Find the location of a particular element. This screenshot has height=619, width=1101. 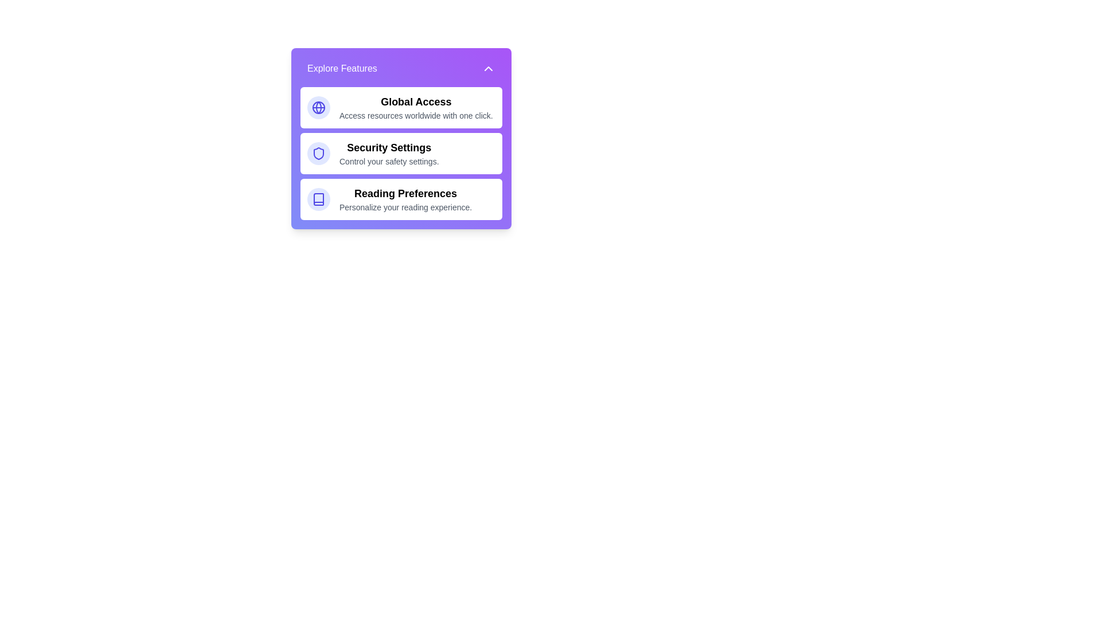

informational text that states 'Access resources worldwide with one click.' located directly below the title 'Global Access.' is located at coordinates (415, 115).